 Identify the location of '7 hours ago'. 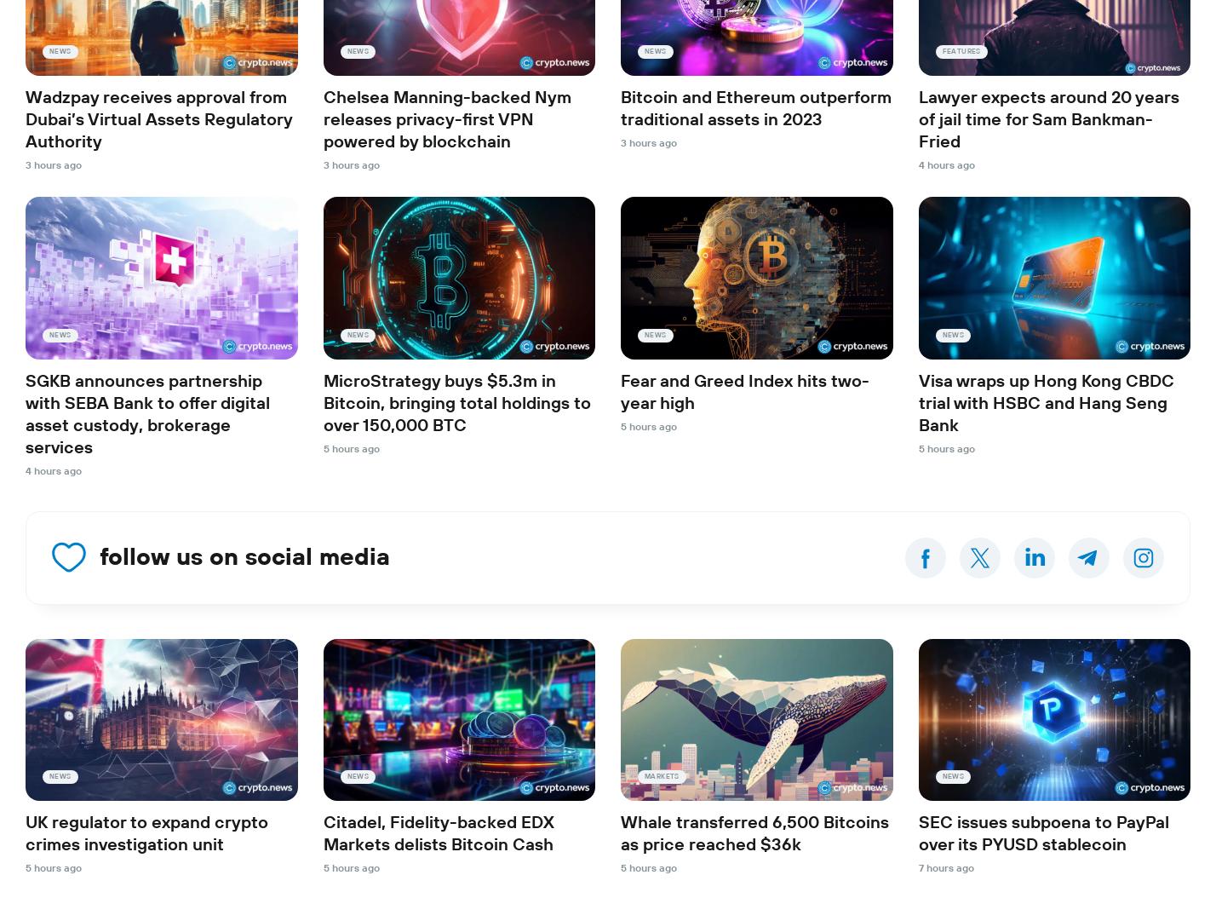
(945, 867).